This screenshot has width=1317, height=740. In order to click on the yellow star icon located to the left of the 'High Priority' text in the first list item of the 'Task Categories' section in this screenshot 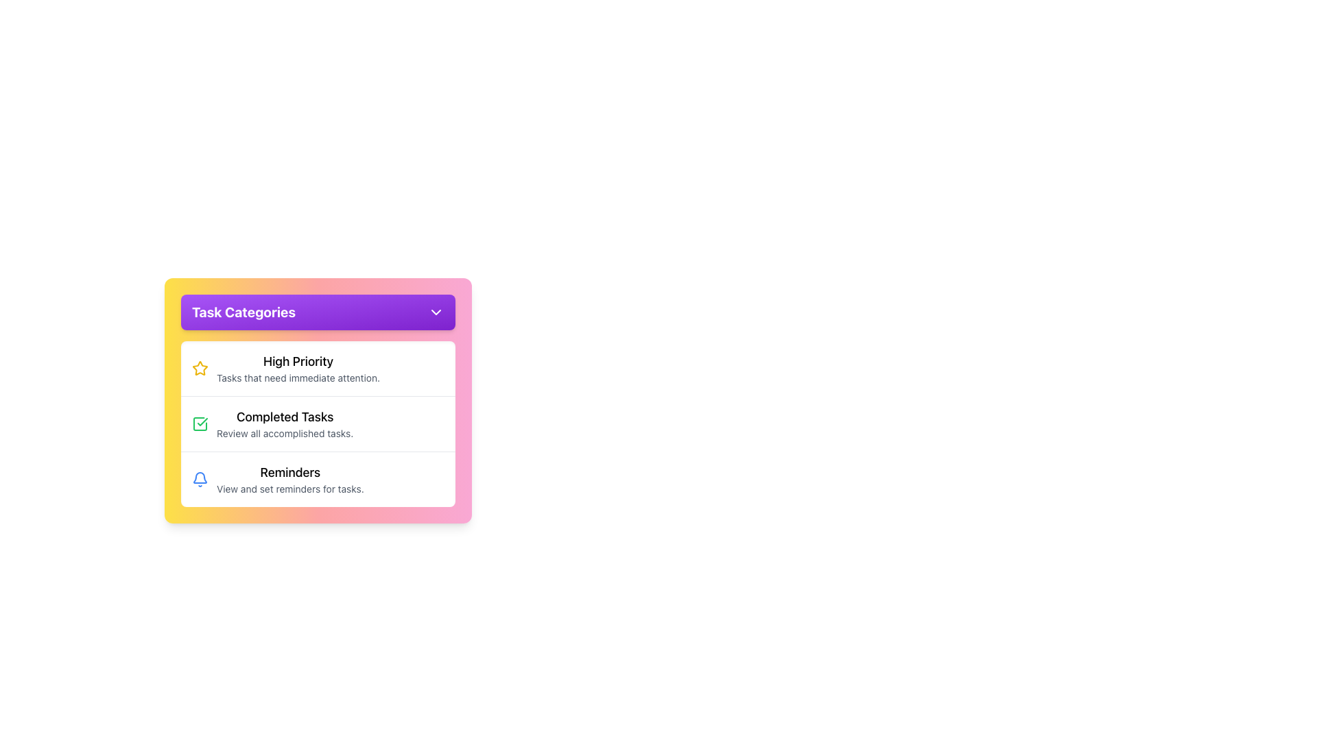, I will do `click(200, 367)`.